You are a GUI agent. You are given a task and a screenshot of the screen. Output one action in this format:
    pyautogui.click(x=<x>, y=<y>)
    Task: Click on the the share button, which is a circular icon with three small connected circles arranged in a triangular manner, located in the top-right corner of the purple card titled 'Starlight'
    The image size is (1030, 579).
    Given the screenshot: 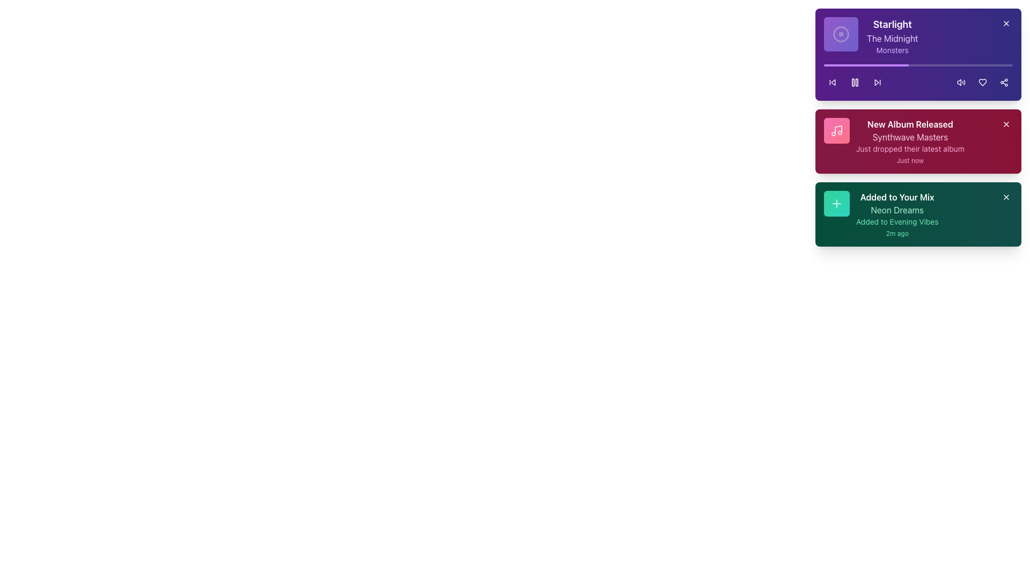 What is the action you would take?
    pyautogui.click(x=1004, y=82)
    